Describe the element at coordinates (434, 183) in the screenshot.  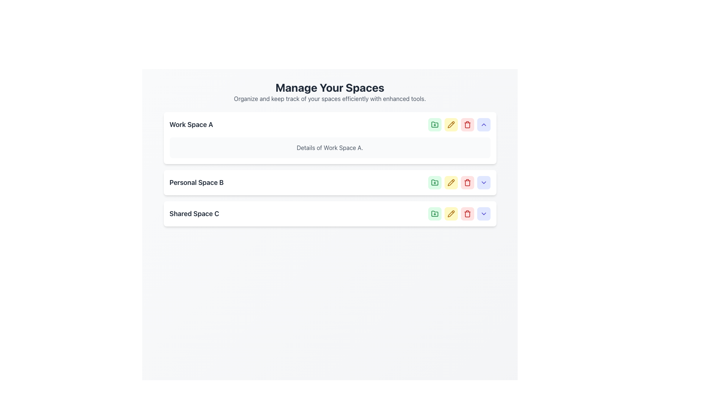
I see `the green folder icon with a plus sign in the control panel of the 'Personal Space B' section` at that location.